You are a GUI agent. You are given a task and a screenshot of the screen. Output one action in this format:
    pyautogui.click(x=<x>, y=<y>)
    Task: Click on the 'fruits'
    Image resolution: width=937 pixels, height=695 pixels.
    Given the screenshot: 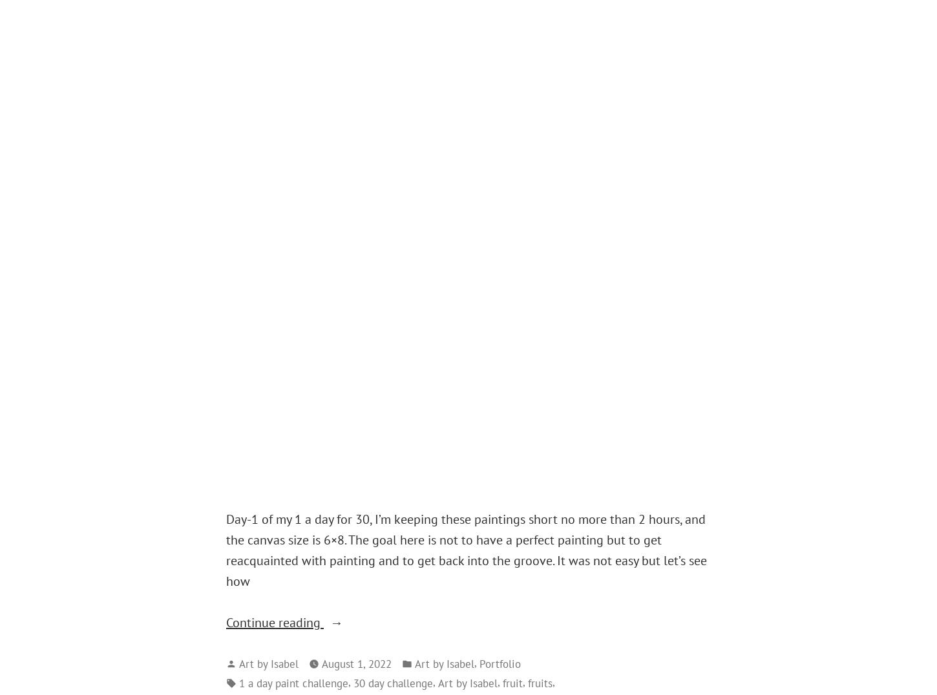 What is the action you would take?
    pyautogui.click(x=540, y=682)
    